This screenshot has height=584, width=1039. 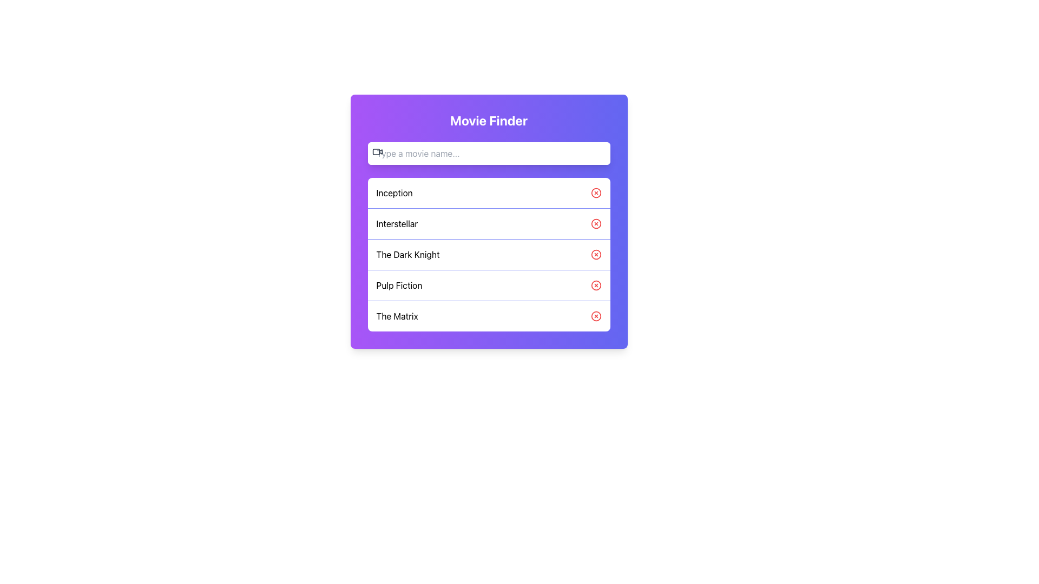 What do you see at coordinates (488, 316) in the screenshot?
I see `the fifth list item element displaying 'The Matrix' to trigger style changes` at bounding box center [488, 316].